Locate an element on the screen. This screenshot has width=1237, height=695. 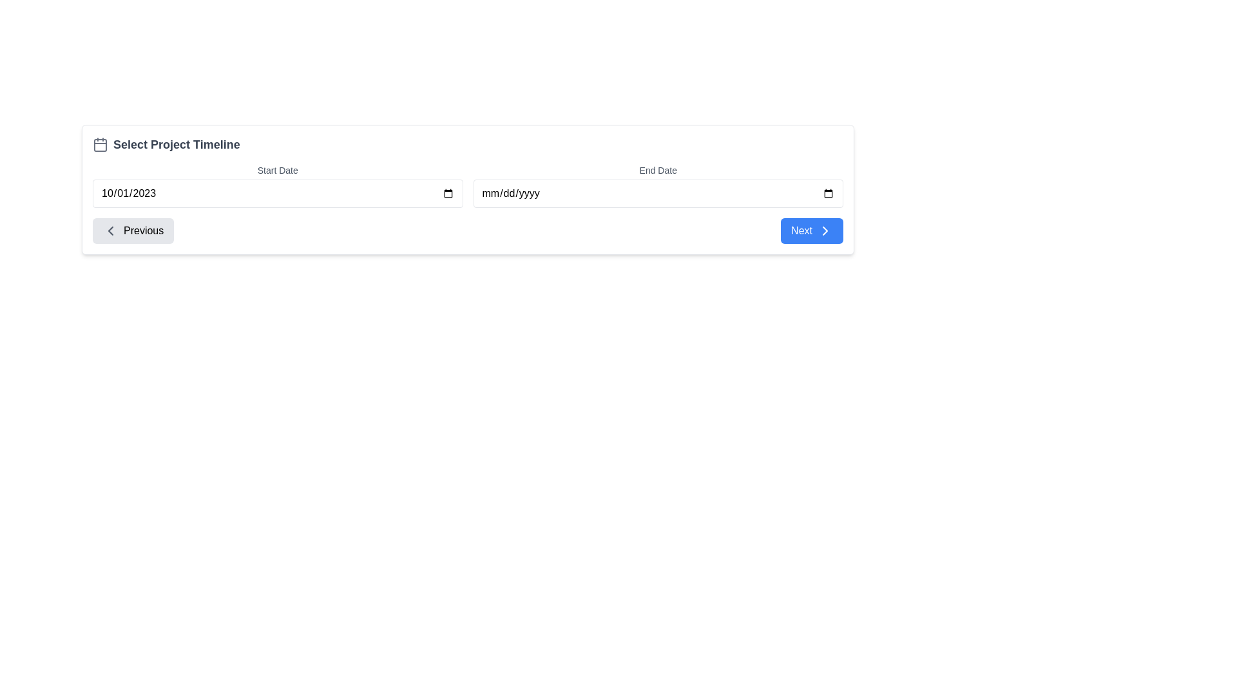
the main decorative graphical component of the calendar icon located next to the 'Select Project Timeline' label is located at coordinates (100, 145).